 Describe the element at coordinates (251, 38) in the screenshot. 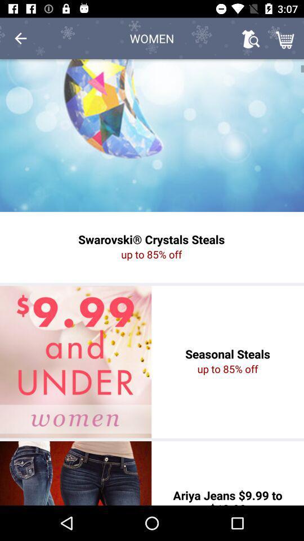

I see `the icon to the right of the women item` at that location.